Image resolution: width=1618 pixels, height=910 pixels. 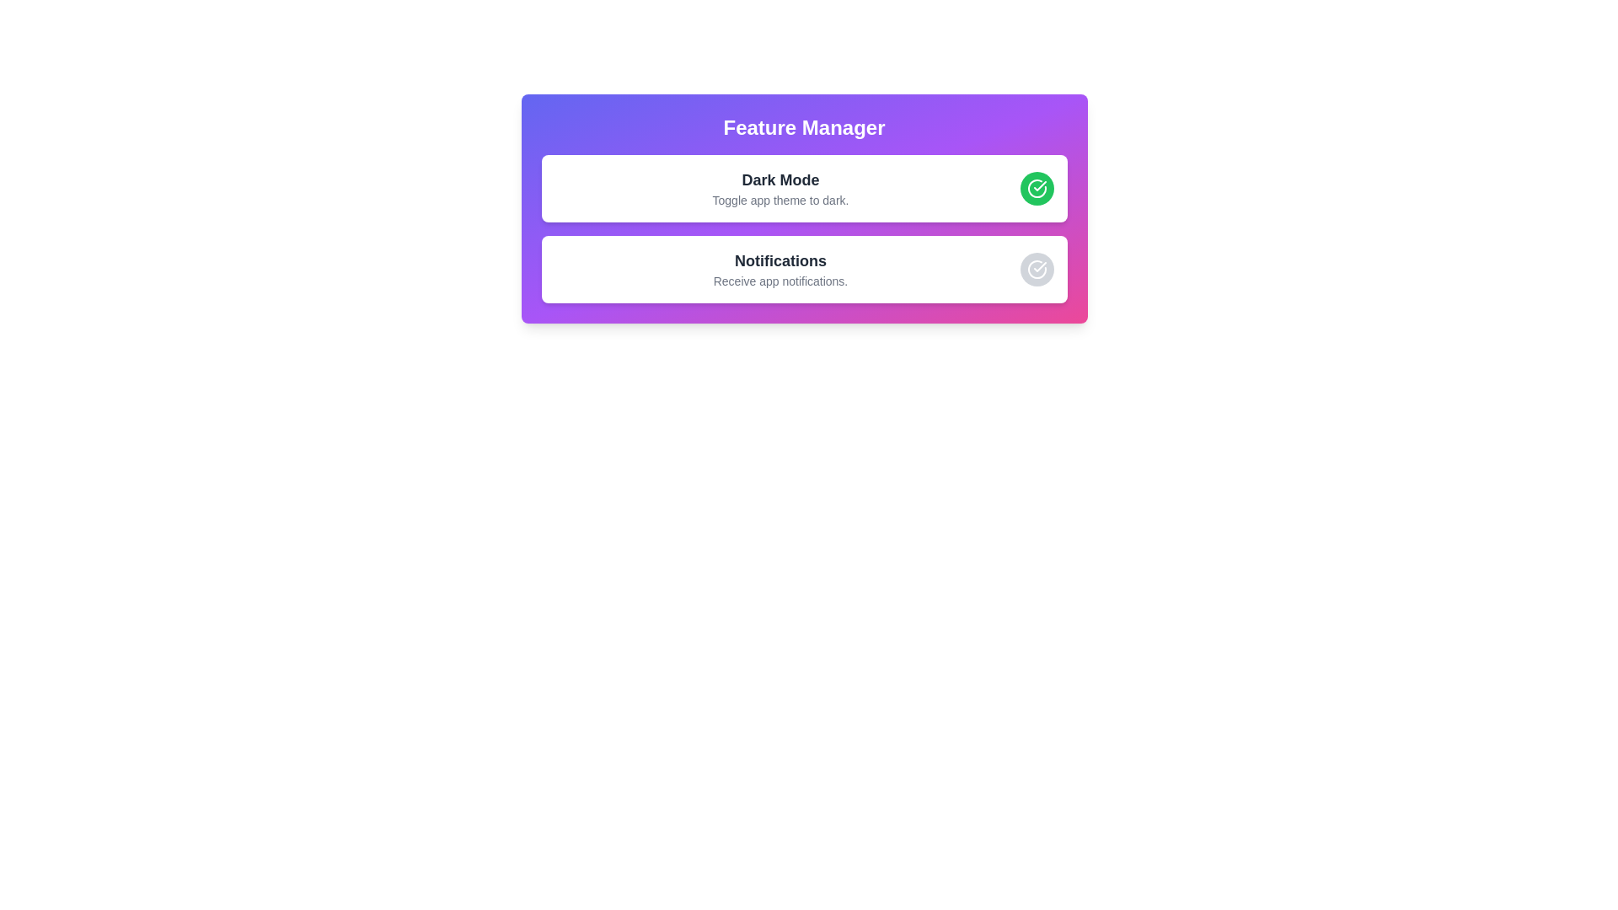 I want to click on the text label stating 'Toggle app theme to dark.' which is located below the 'Dark Mode' heading in the feature settings card, so click(x=780, y=200).